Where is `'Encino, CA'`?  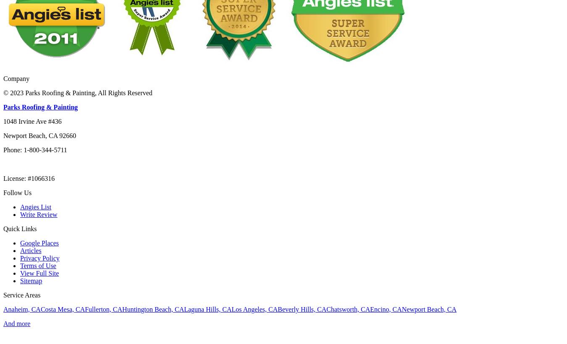
'Encino, CA' is located at coordinates (385, 308).